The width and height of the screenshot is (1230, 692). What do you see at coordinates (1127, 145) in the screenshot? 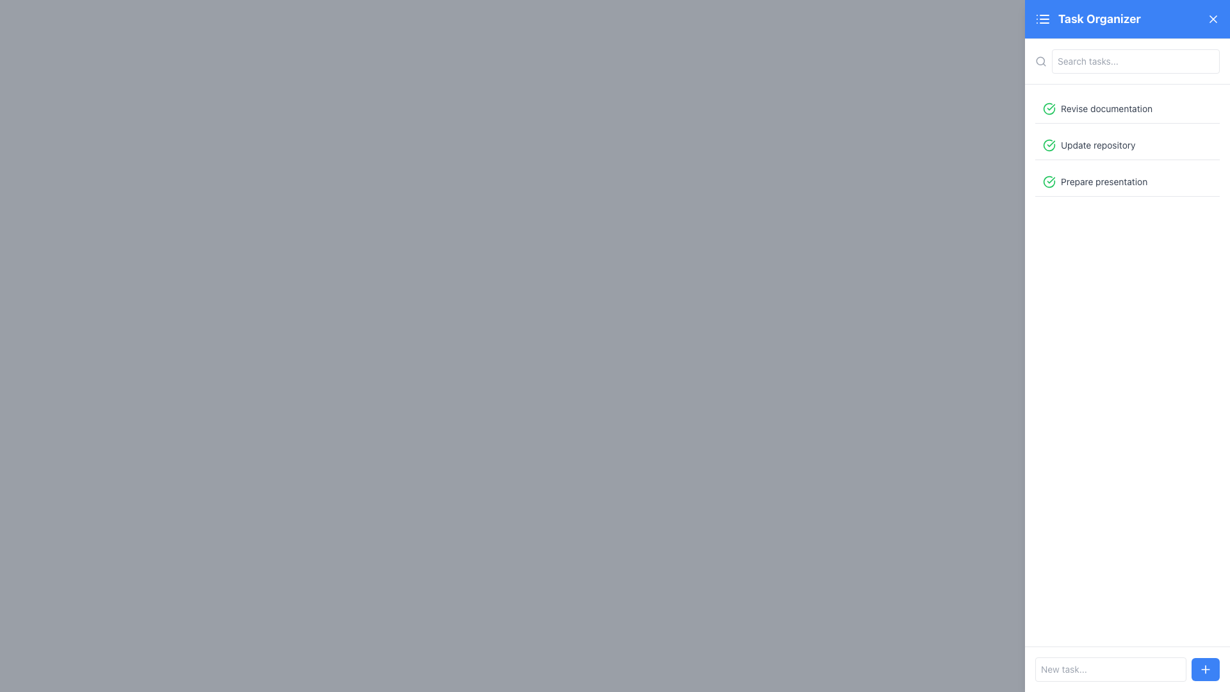
I see `the second item in the vertical list labeled 'Update repository'` at bounding box center [1127, 145].